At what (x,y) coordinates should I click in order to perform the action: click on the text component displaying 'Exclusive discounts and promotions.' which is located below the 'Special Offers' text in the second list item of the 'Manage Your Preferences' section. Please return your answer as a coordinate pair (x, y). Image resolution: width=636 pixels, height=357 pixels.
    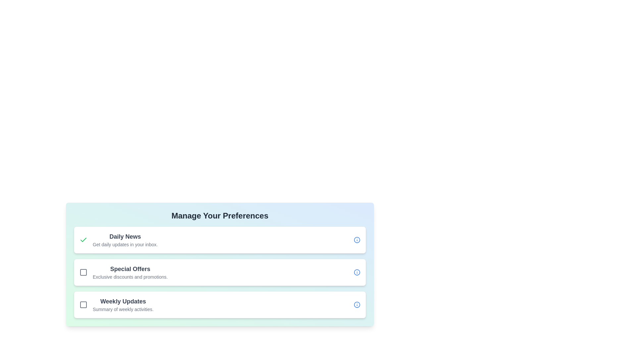
    Looking at the image, I should click on (130, 277).